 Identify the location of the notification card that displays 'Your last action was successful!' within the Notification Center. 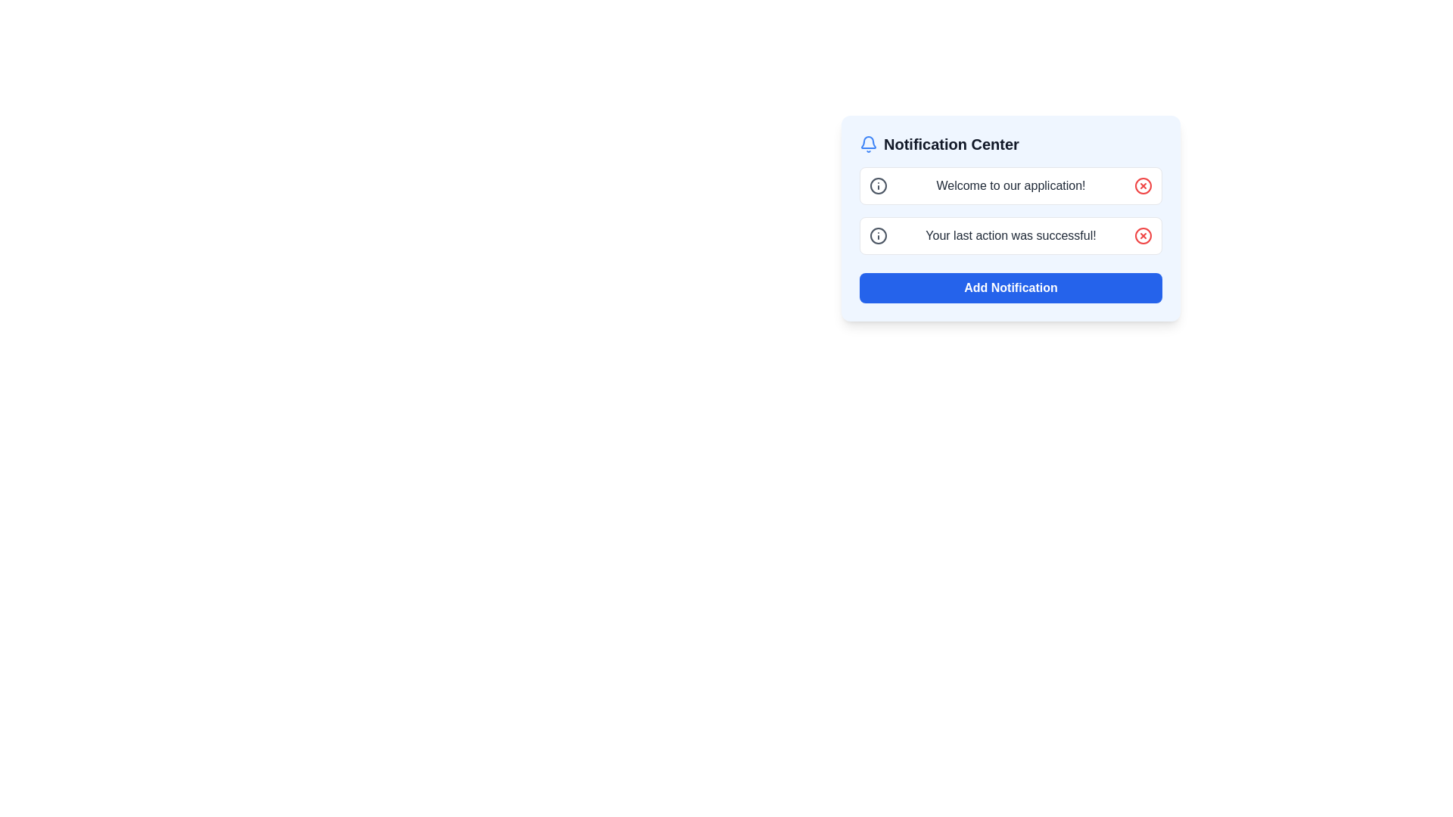
(1010, 236).